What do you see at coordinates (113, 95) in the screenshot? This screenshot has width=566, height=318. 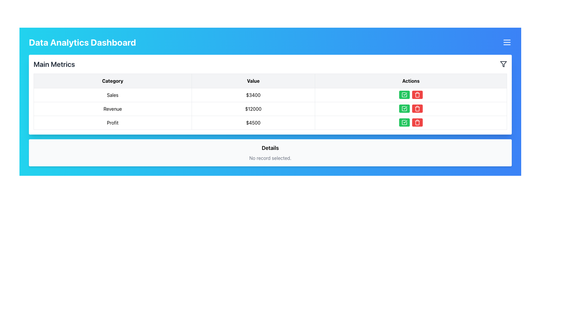 I see `the 'Sales' text label located in the first row under the 'Category' column, which categorizes the corresponding row's data` at bounding box center [113, 95].